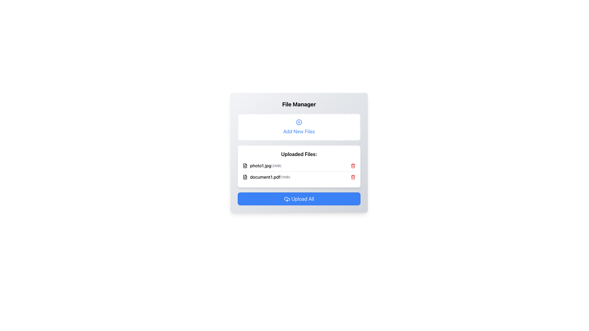 The image size is (589, 331). Describe the element at coordinates (353, 177) in the screenshot. I see `the delete button located at the far right of the second file row, next to 'document1.pdf(1MB)', to potentially preview tooltips` at that location.